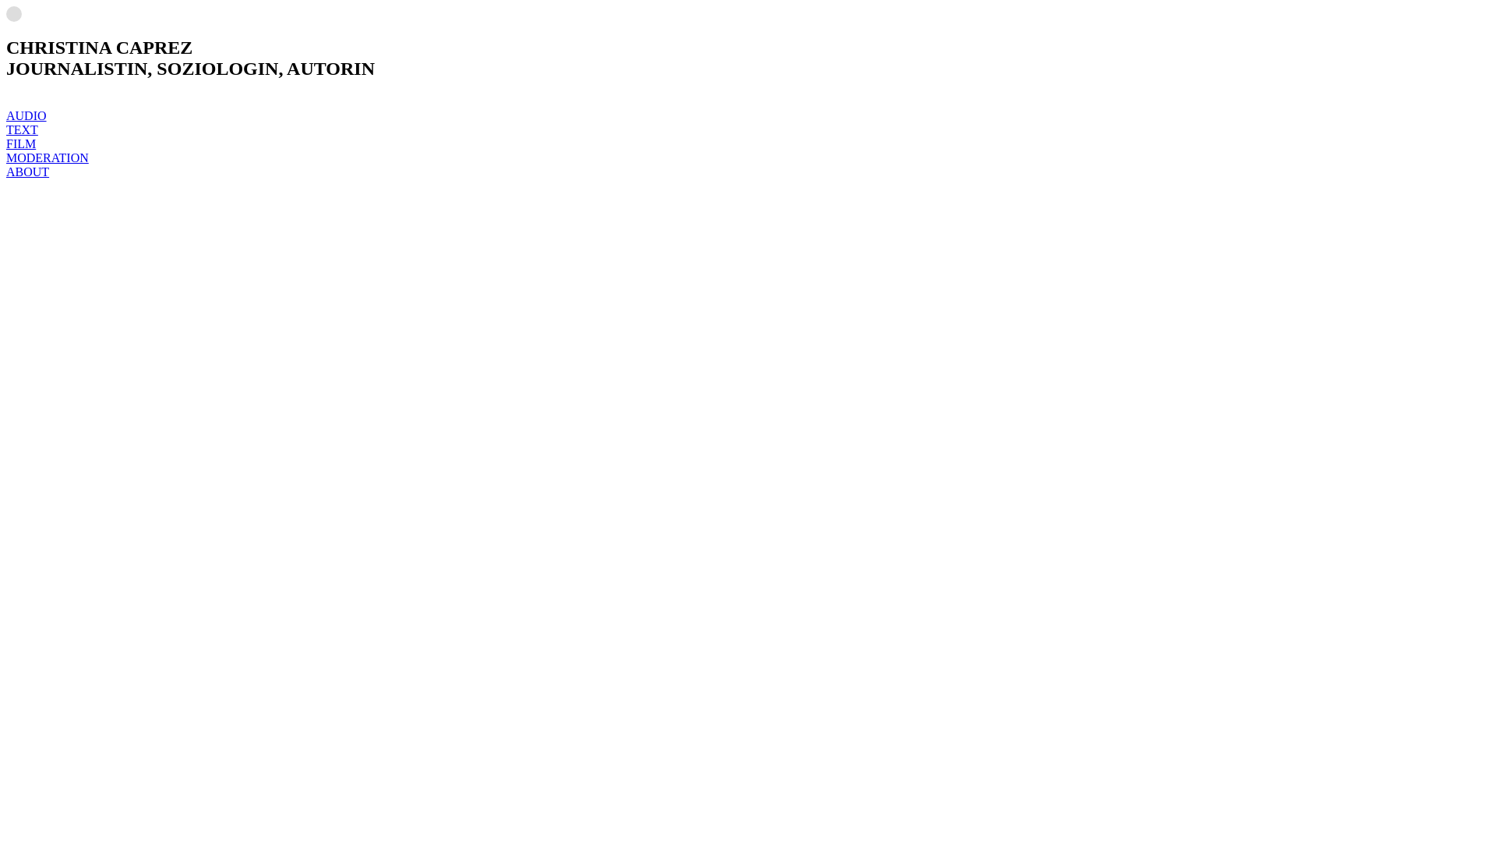 This screenshot has width=1496, height=842. What do you see at coordinates (22, 129) in the screenshot?
I see `'TEXT'` at bounding box center [22, 129].